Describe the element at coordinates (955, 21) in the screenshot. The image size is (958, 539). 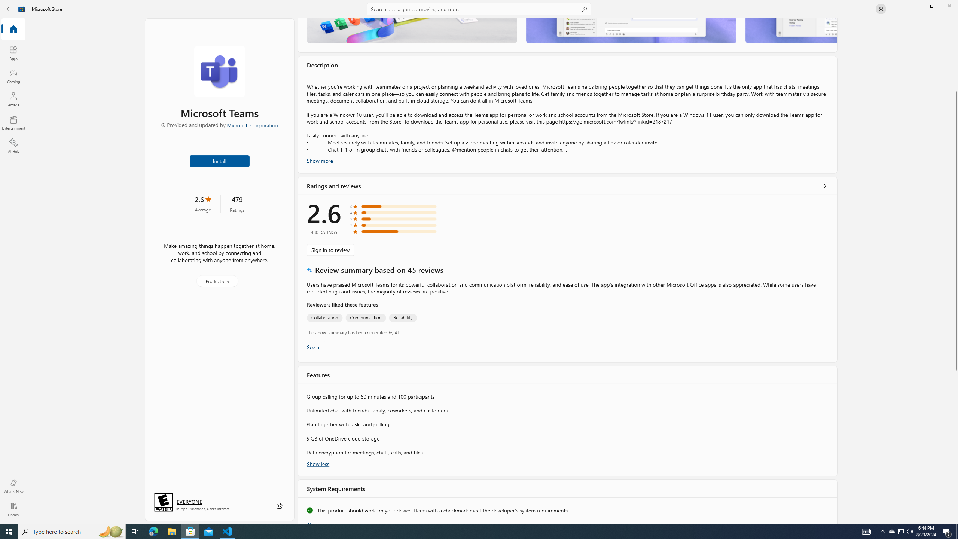
I see `'Vertical Small Decrease'` at that location.